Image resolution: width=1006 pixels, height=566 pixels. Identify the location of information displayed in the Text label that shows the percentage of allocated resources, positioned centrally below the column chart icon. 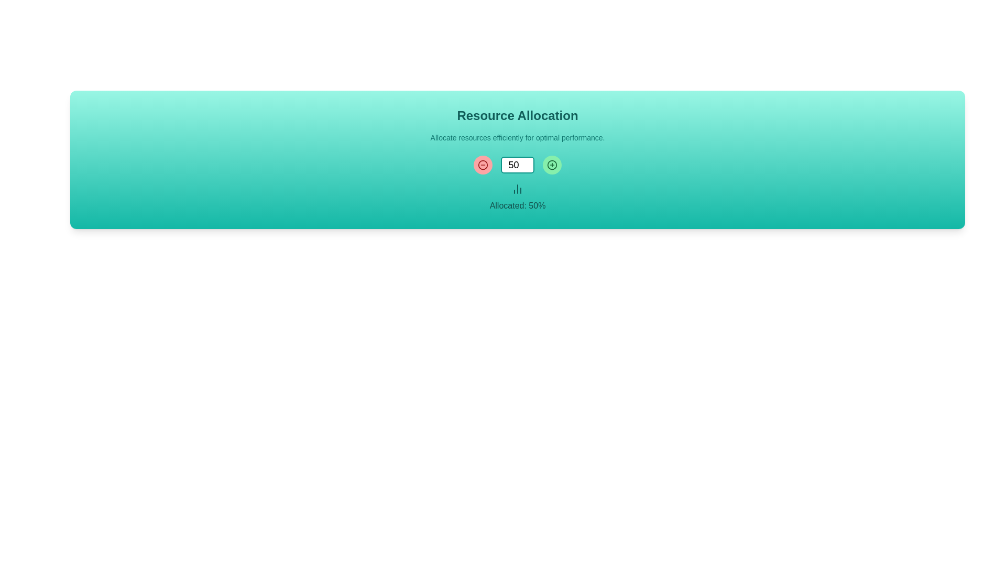
(518, 206).